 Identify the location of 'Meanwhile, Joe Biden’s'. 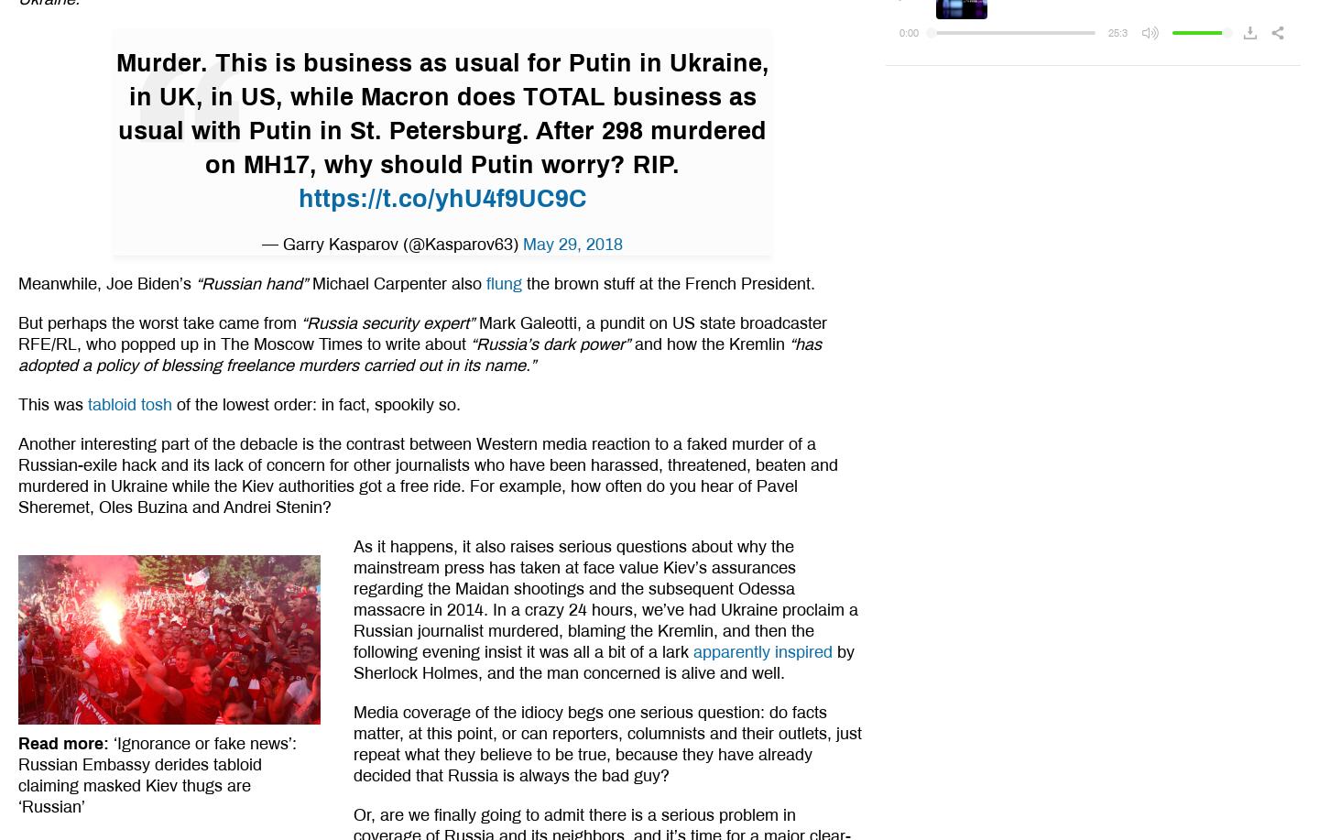
(107, 283).